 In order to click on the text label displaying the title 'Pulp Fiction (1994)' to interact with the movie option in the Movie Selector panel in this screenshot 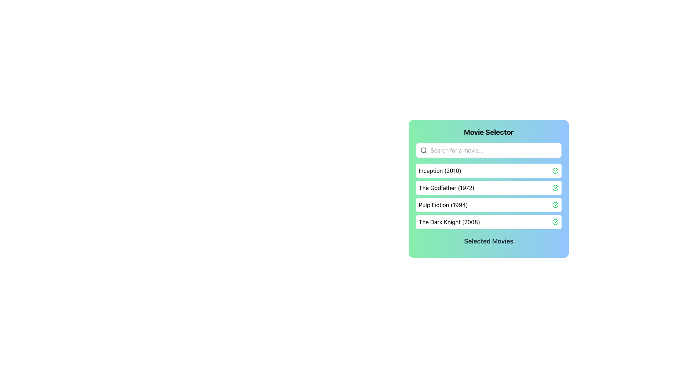, I will do `click(443, 205)`.